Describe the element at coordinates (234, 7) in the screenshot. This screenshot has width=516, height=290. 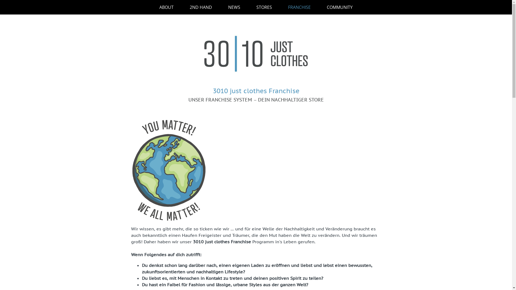
I see `'NEWS'` at that location.